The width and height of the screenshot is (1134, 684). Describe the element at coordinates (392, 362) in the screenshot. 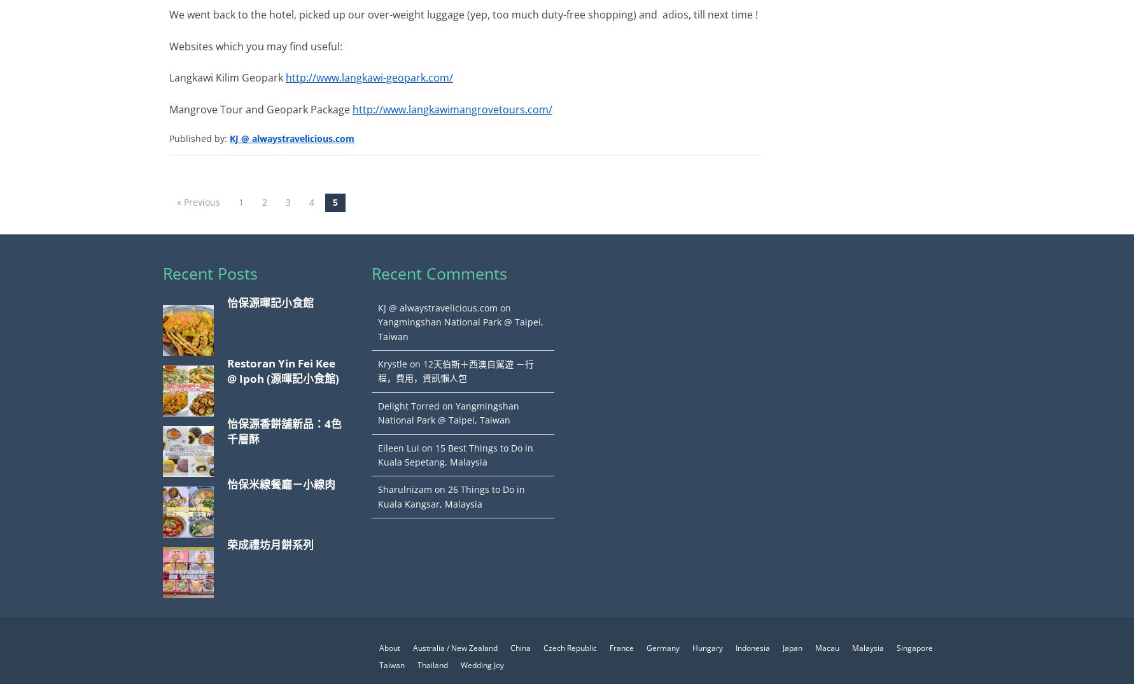

I see `'Krystle'` at that location.